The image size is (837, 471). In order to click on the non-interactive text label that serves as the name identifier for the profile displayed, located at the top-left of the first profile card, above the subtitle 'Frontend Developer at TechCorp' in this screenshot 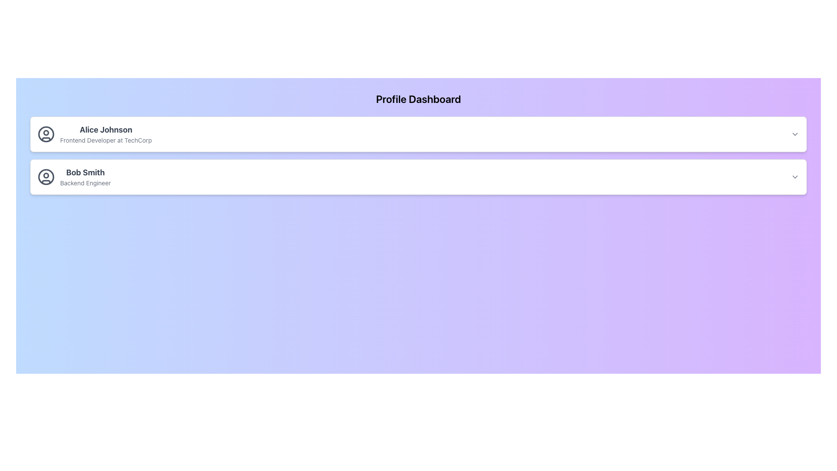, I will do `click(105, 130)`.